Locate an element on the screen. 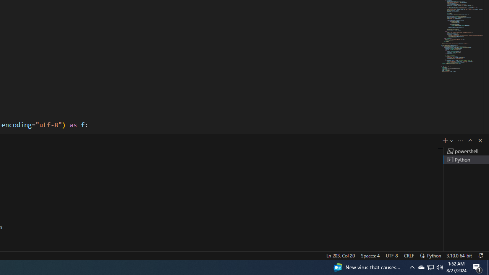  'Spaces: 4' is located at coordinates (370, 255).